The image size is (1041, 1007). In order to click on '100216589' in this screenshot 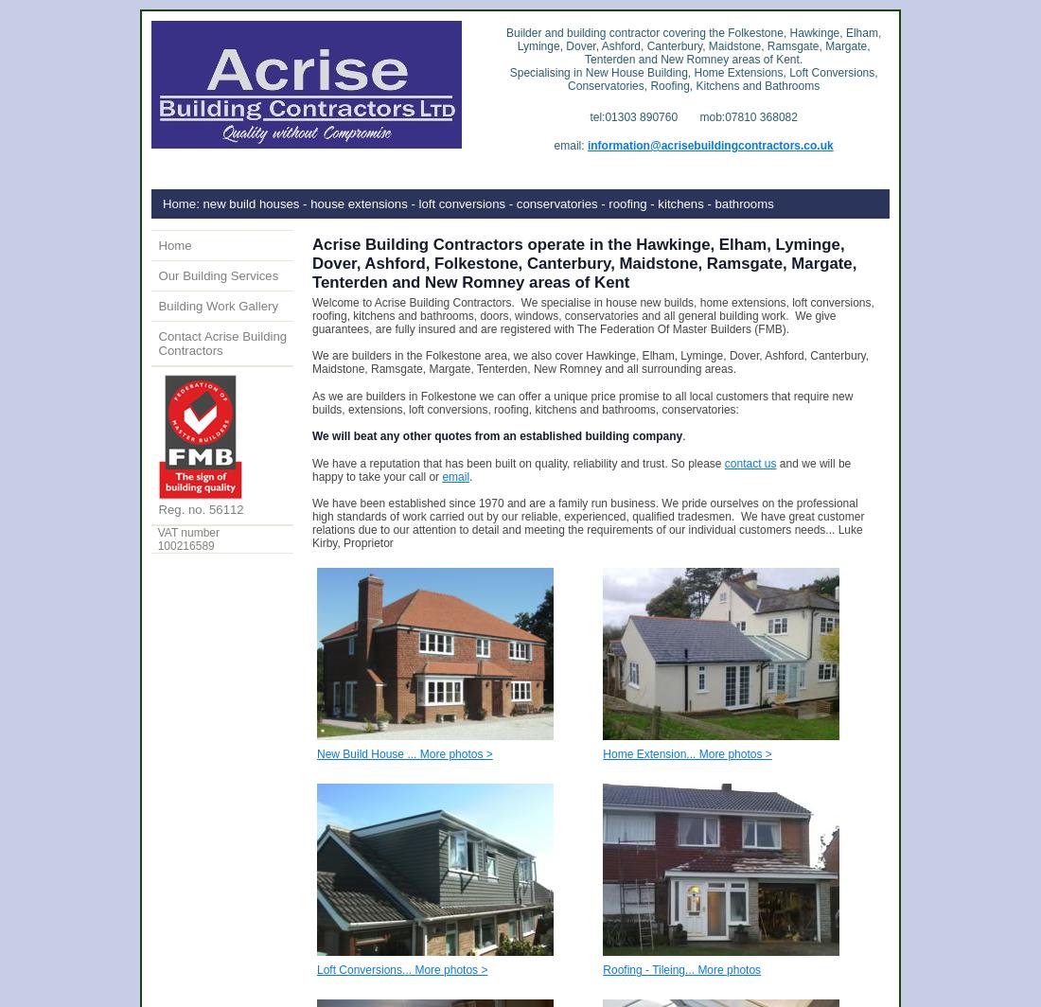, I will do `click(182, 546)`.